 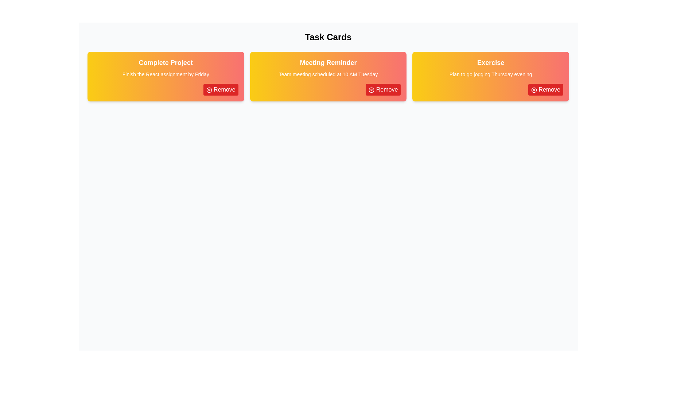 What do you see at coordinates (220, 89) in the screenshot?
I see `'Remove' button for the card titled 'Complete Project'` at bounding box center [220, 89].